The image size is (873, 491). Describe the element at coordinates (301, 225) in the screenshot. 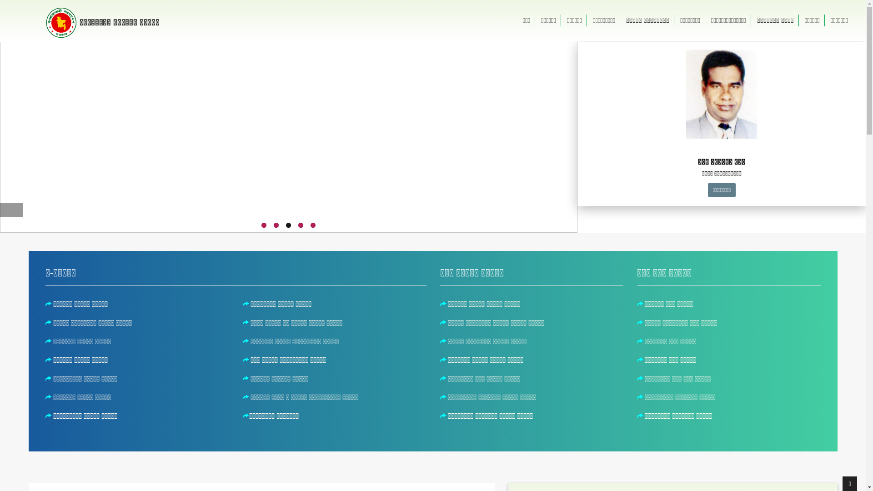

I see `'4'` at that location.